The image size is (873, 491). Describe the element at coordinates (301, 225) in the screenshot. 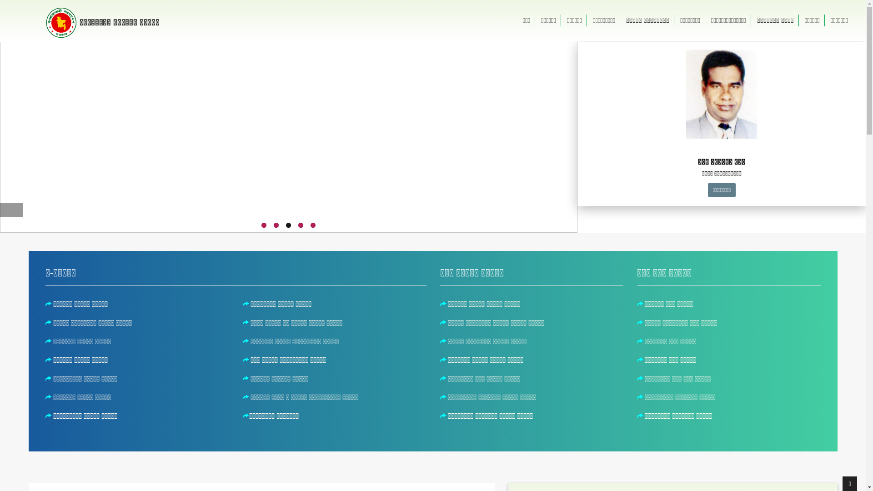

I see `'4'` at that location.